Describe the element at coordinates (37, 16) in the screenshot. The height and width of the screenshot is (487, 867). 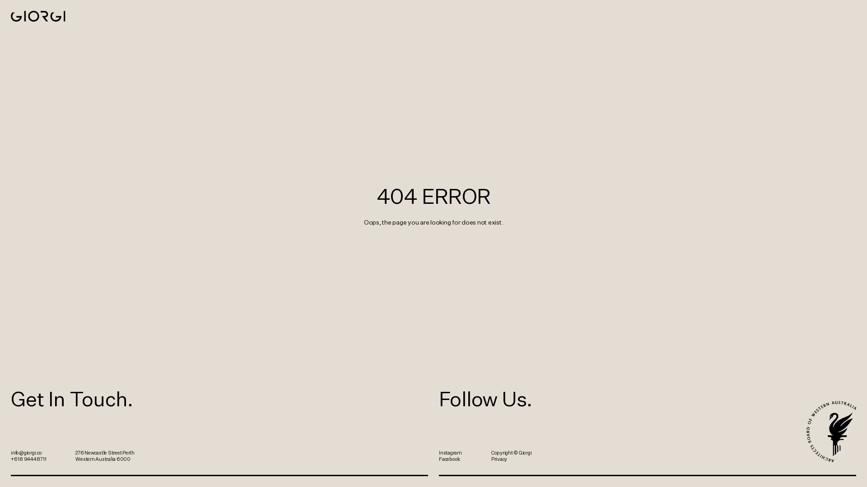
I see `'Giorgi'` at that location.